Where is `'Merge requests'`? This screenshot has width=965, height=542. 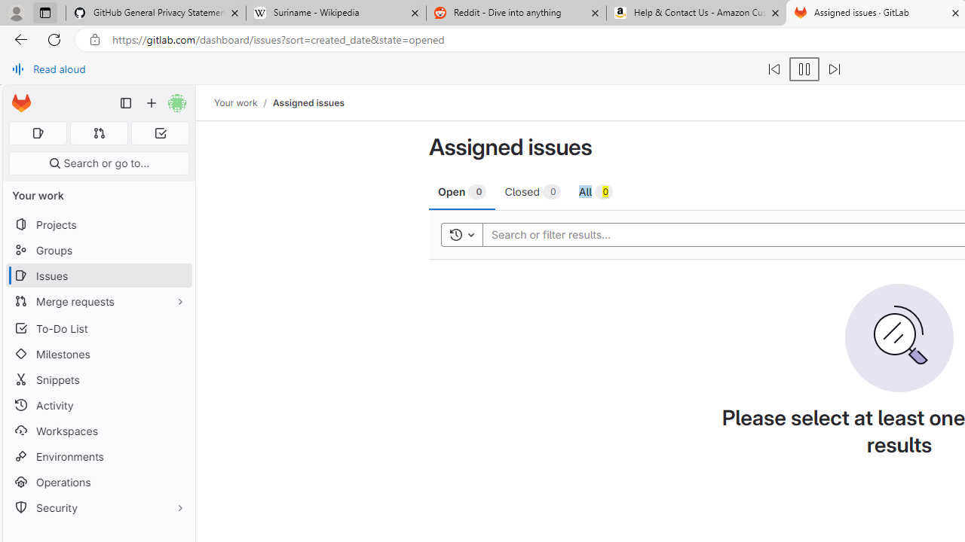
'Merge requests' is located at coordinates (98, 301).